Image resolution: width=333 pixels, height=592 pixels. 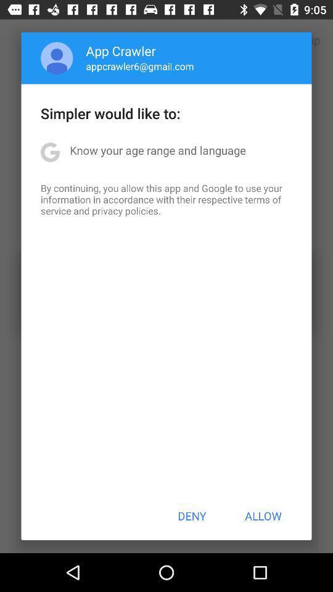 What do you see at coordinates (192, 516) in the screenshot?
I see `item at the bottom` at bounding box center [192, 516].